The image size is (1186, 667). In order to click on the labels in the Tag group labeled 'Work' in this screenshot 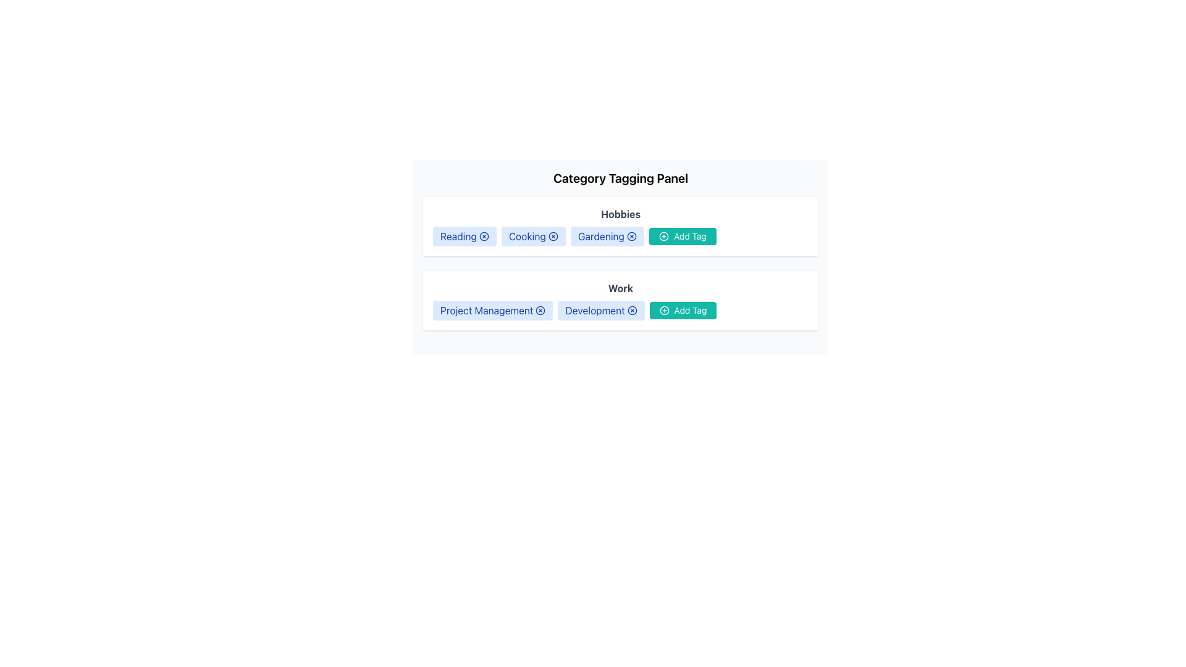, I will do `click(620, 309)`.